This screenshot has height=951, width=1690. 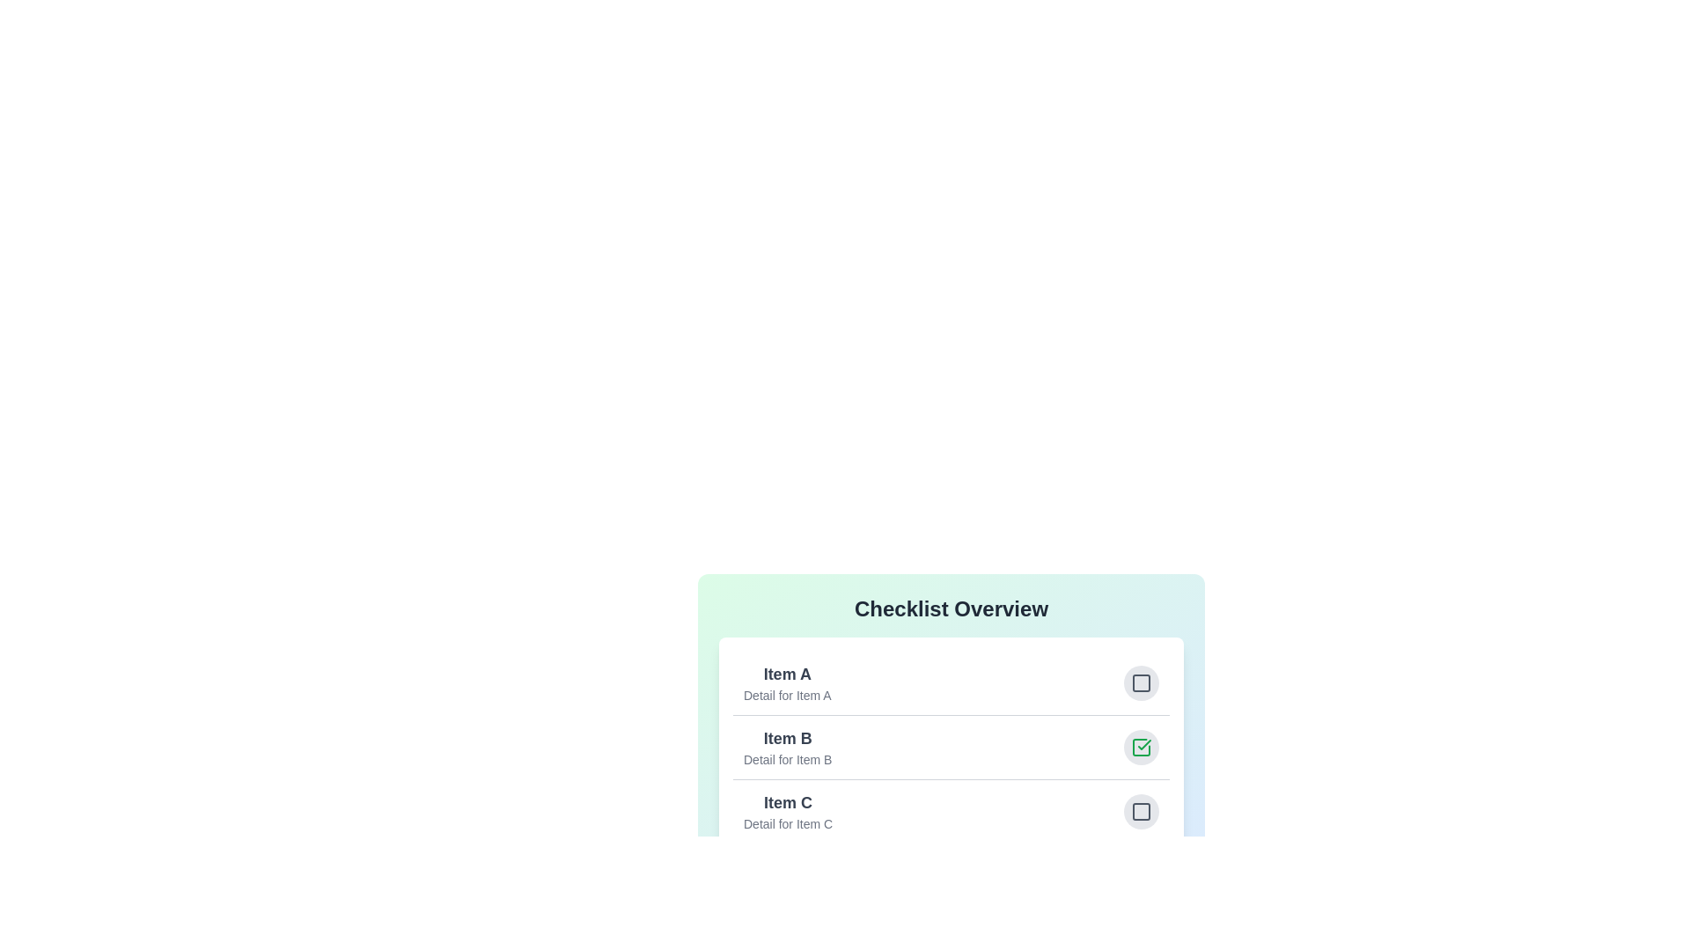 I want to click on the checkbox of the item with name Item B, so click(x=1141, y=747).